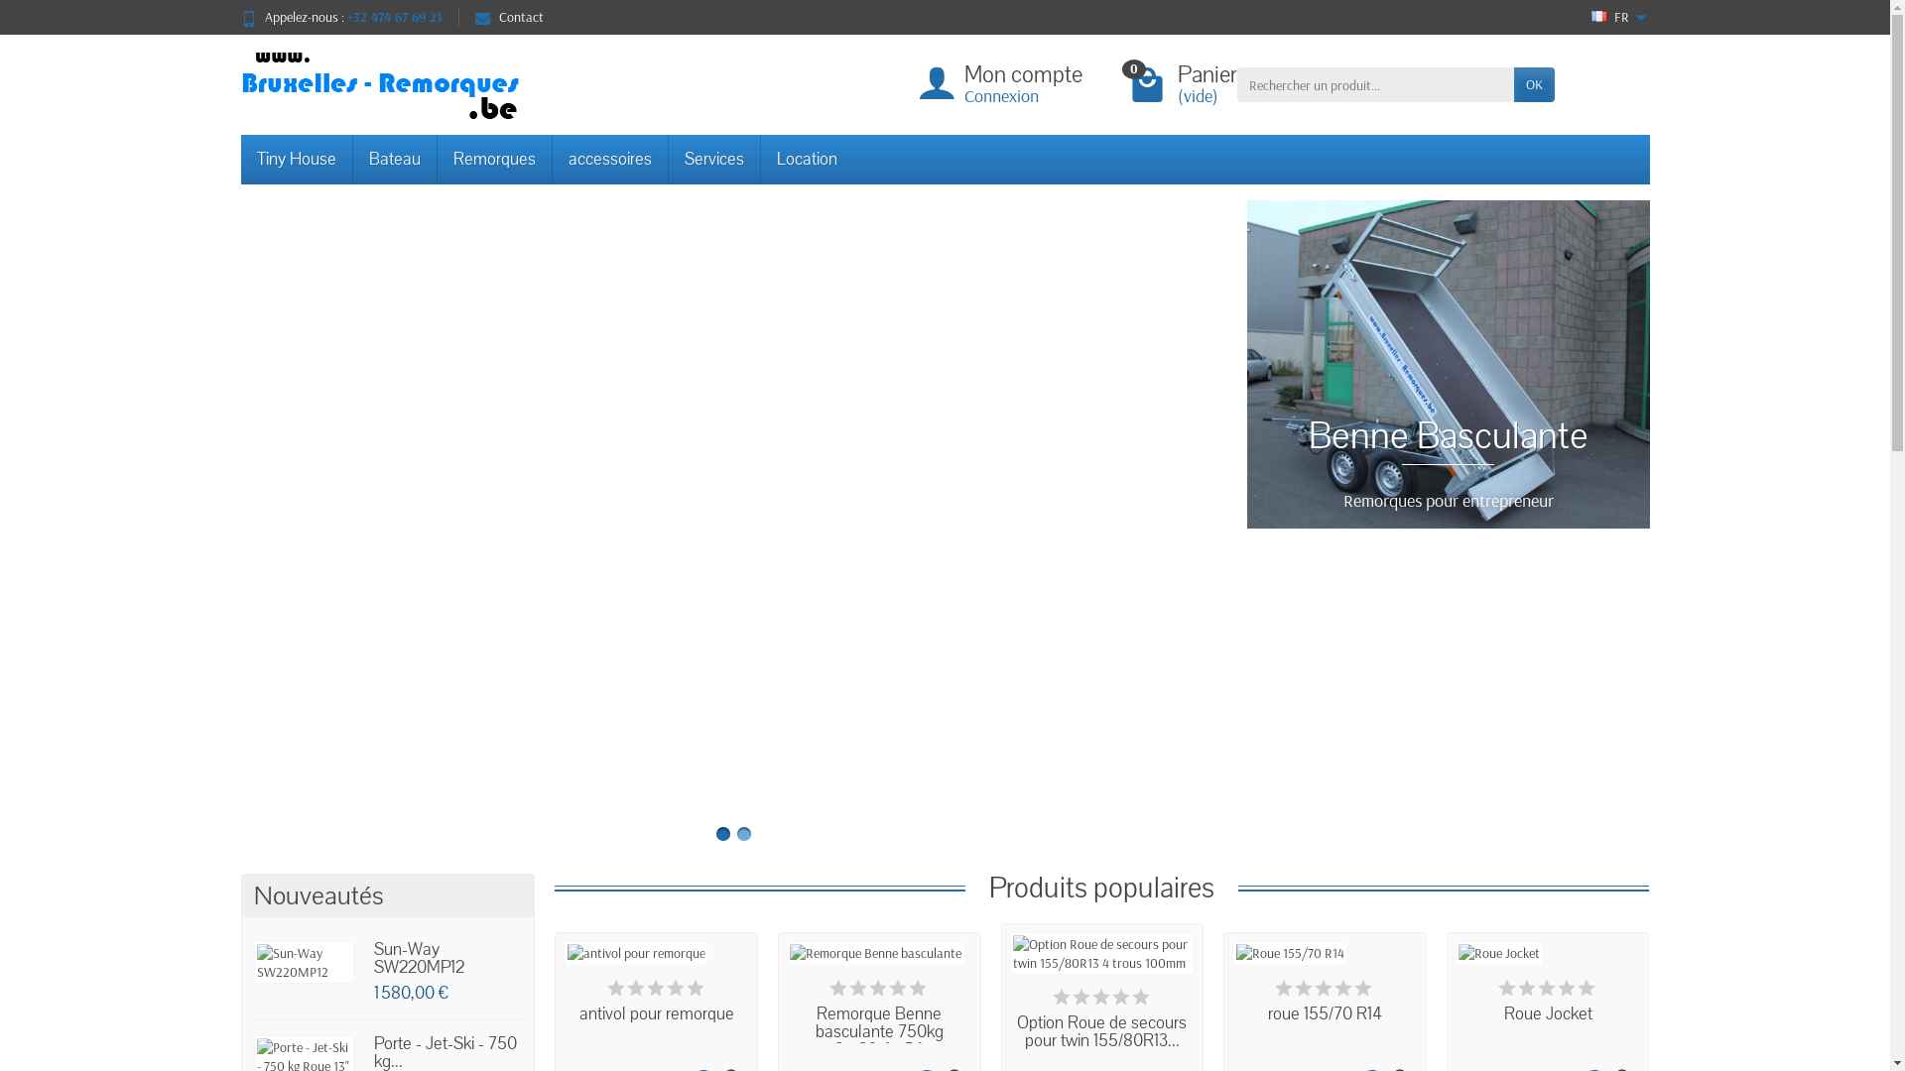  I want to click on 'Services', so click(668, 159).